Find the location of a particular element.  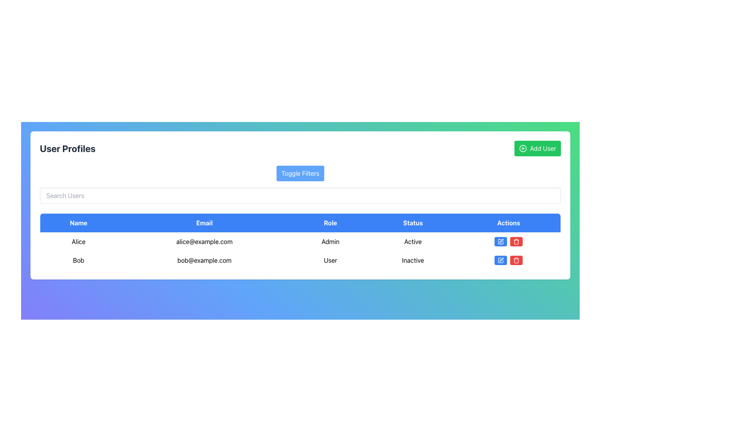

the red button with a white trash can icon, located to the right of the blue 'Edit' button in the 'Actions' section is located at coordinates (516, 241).